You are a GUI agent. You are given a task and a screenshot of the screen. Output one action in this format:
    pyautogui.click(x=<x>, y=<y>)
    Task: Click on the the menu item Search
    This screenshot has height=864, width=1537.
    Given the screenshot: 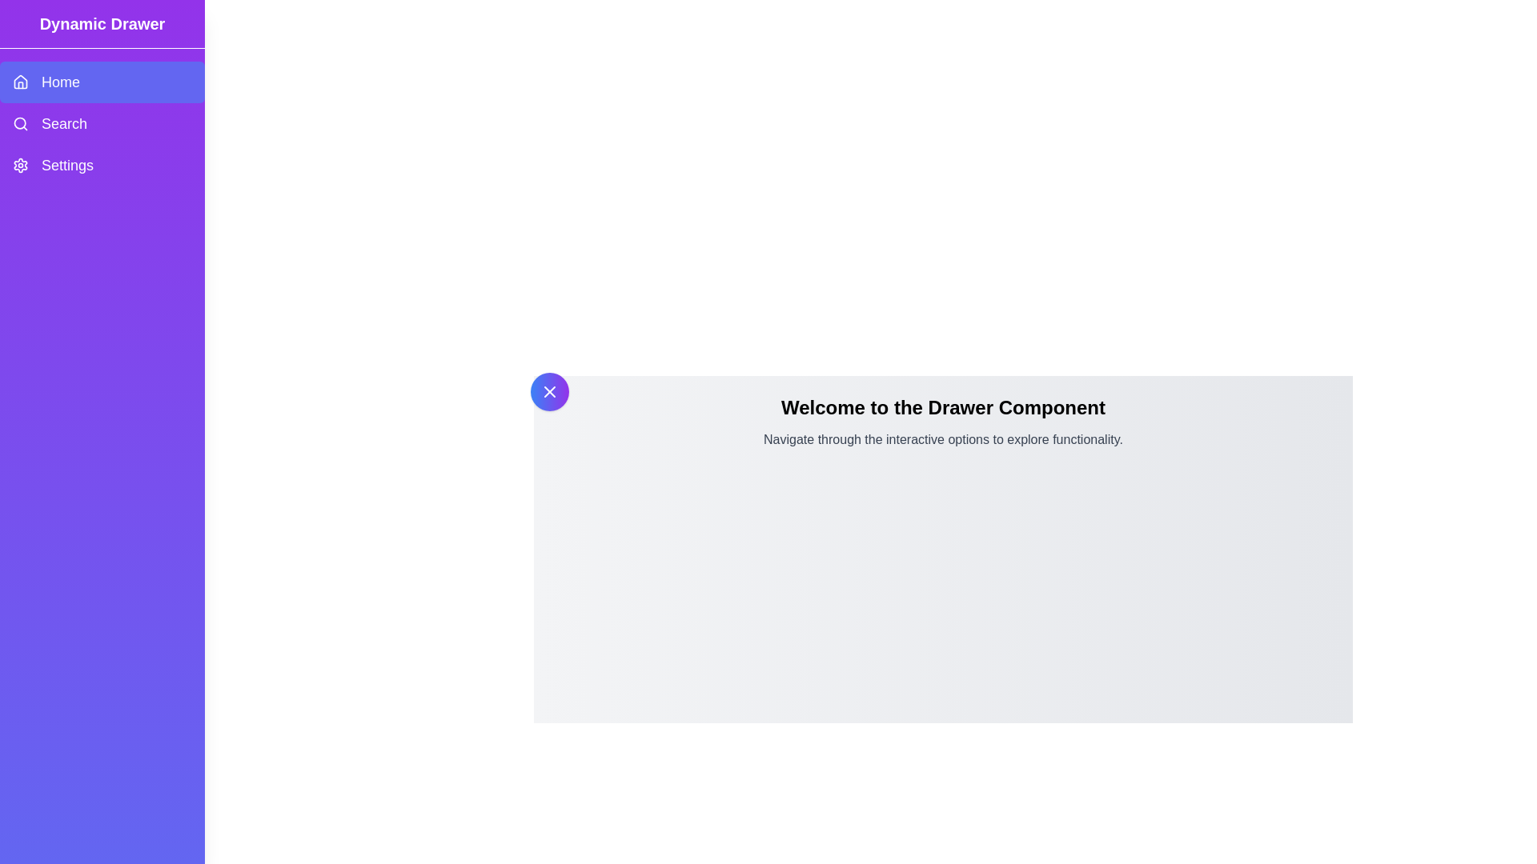 What is the action you would take?
    pyautogui.click(x=102, y=122)
    